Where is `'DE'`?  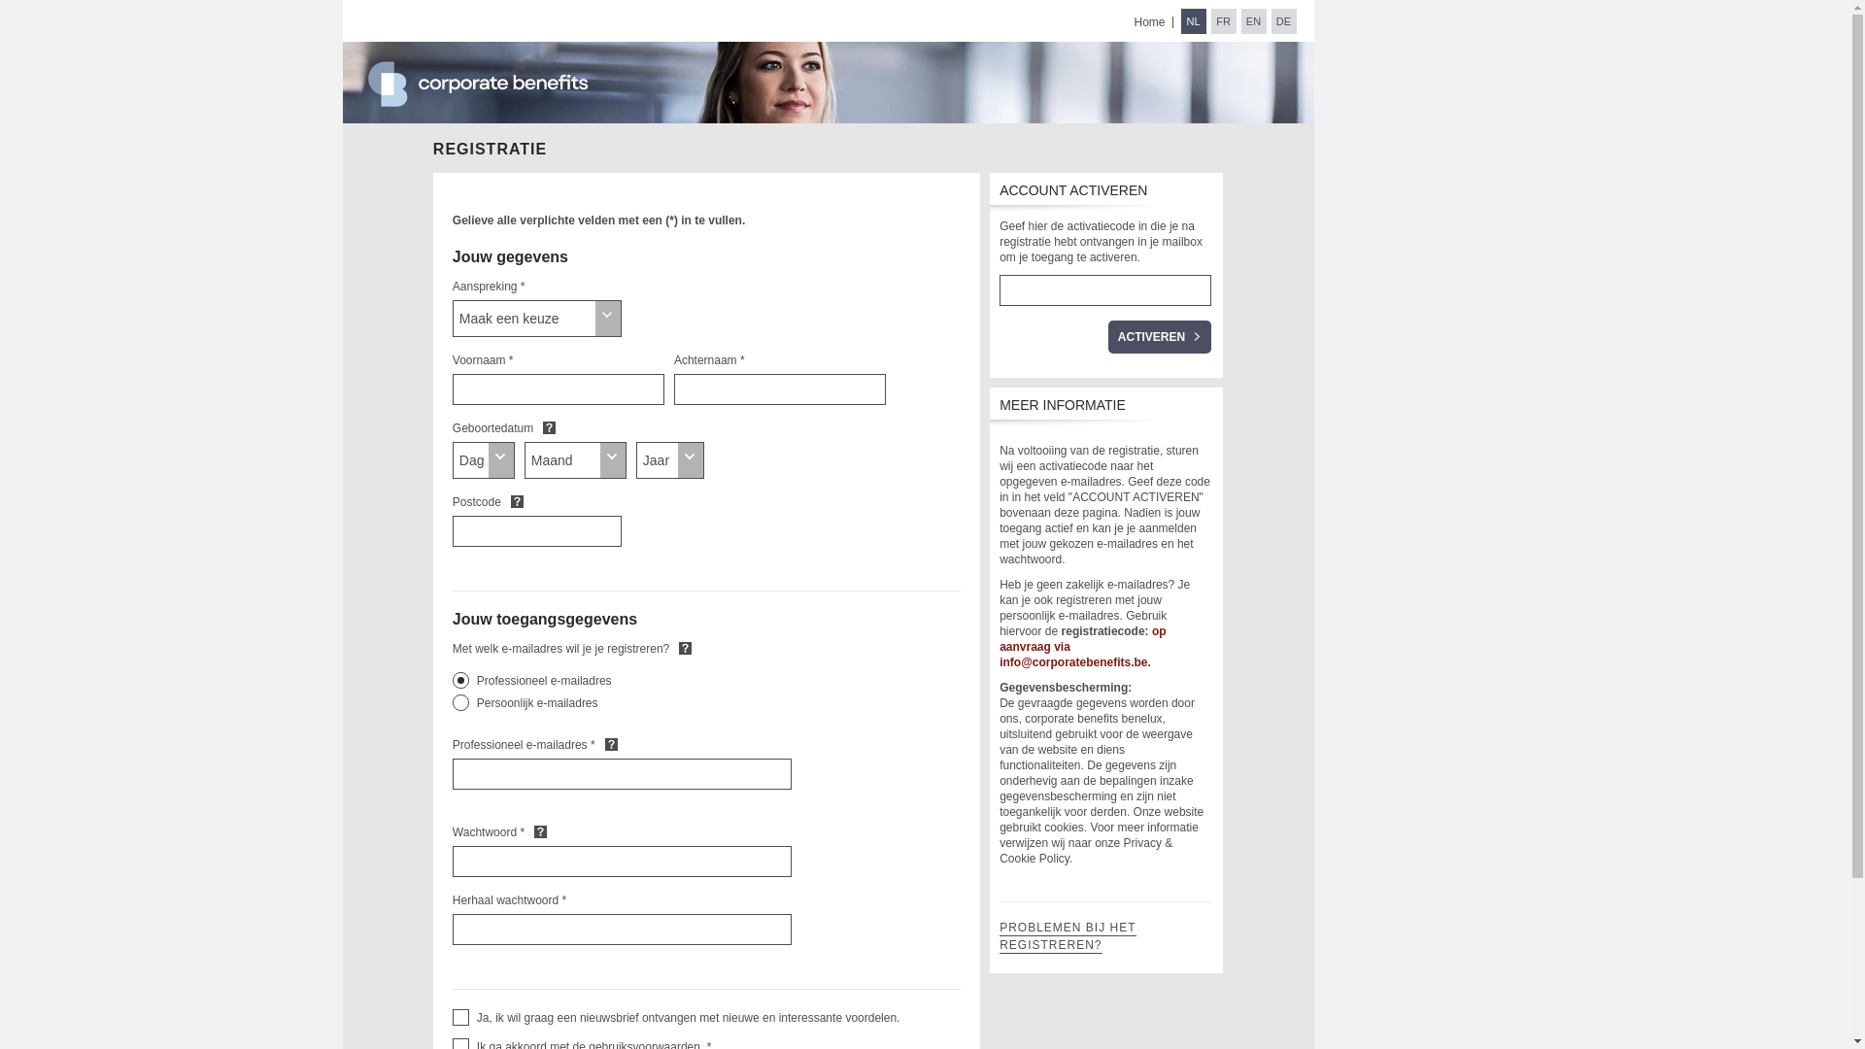
'DE' is located at coordinates (1271, 21).